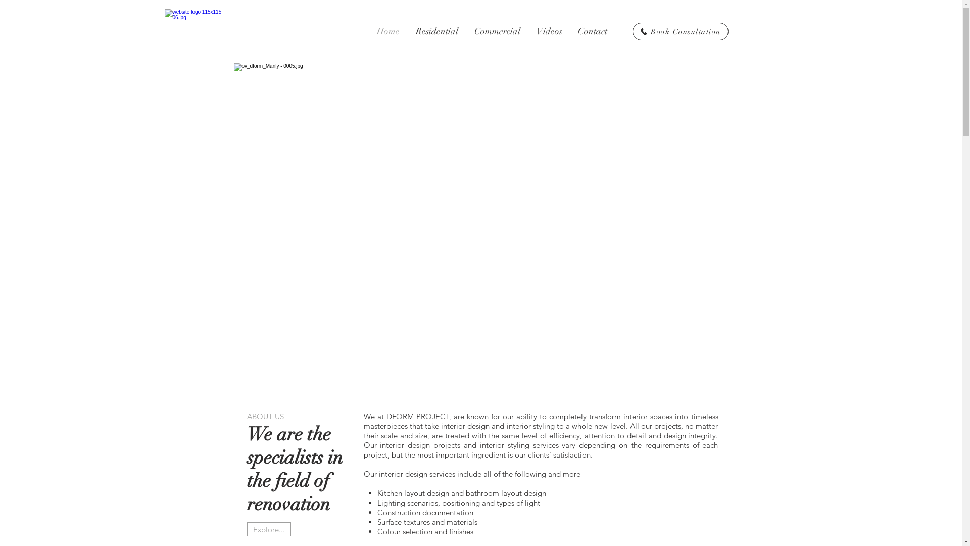 The height and width of the screenshot is (546, 970). I want to click on 'Explore...', so click(247, 528).